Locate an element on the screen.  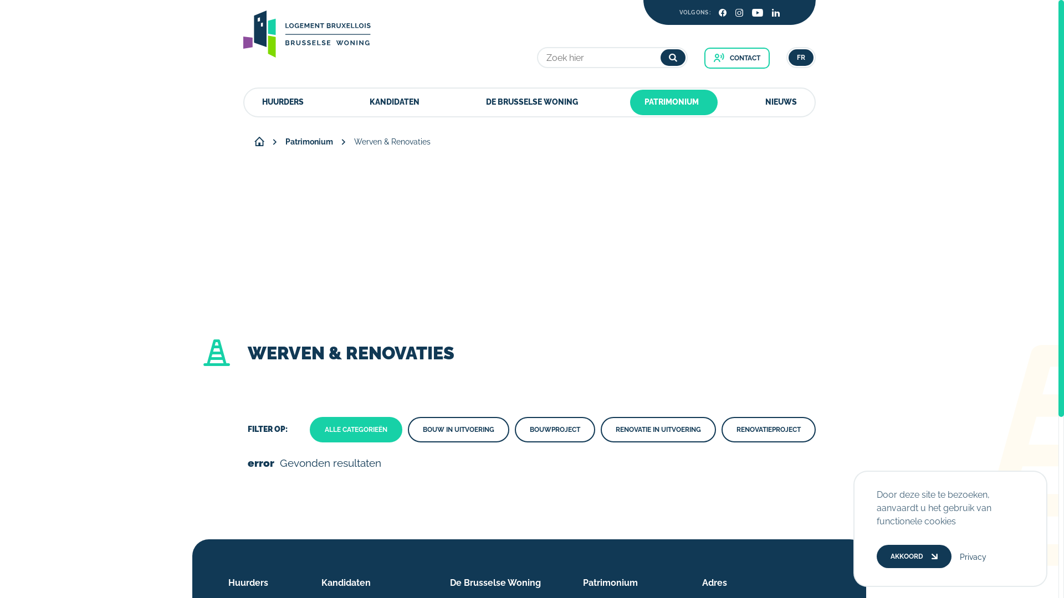
'FR' is located at coordinates (800, 58).